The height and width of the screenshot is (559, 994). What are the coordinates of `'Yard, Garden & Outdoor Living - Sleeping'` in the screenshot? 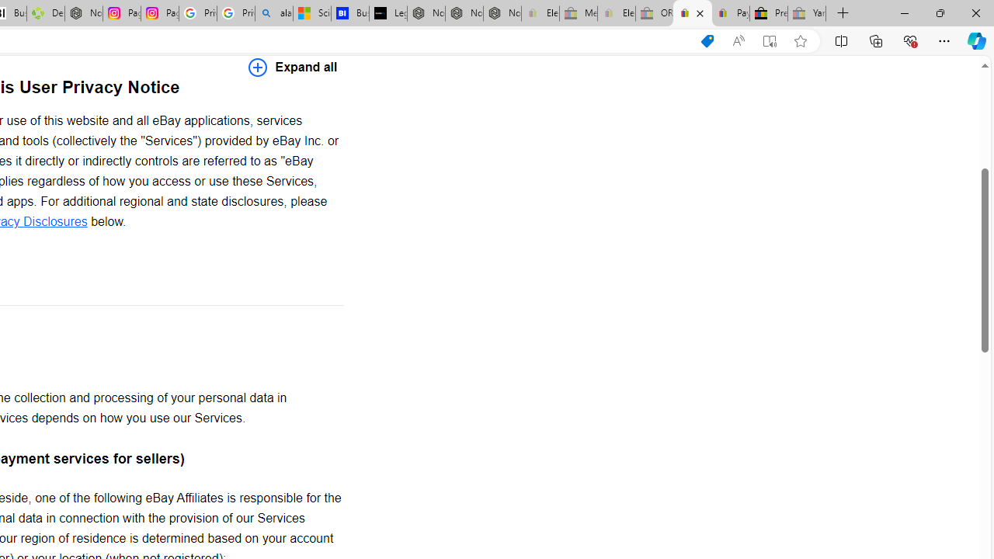 It's located at (807, 13).